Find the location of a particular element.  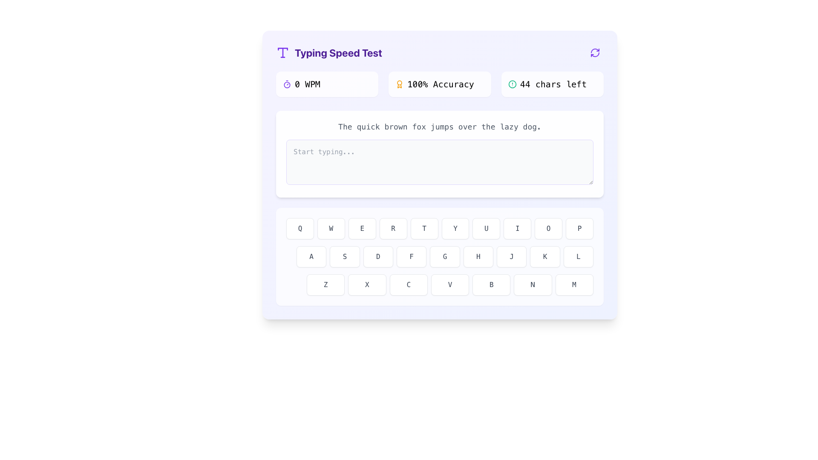

the character count display text label, which indicates the remaining number of characters that can be typed in the text input field is located at coordinates (553, 84).